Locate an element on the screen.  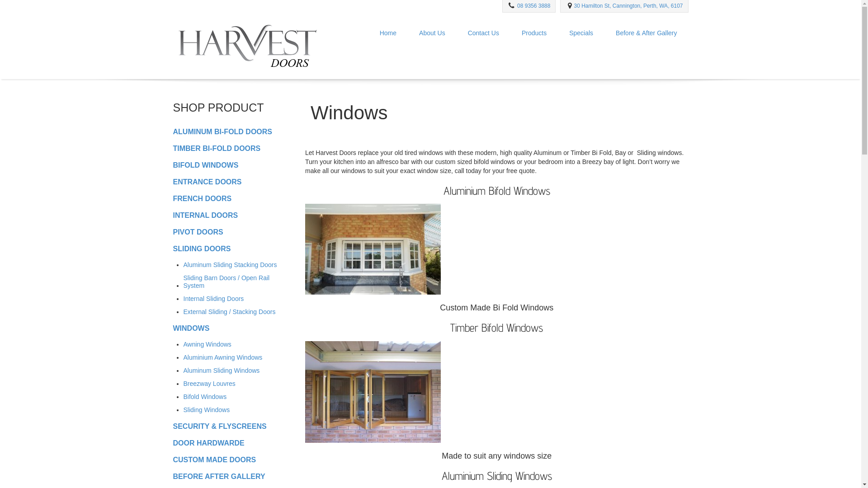
'BIFOLD WINDOWS' is located at coordinates (205, 164).